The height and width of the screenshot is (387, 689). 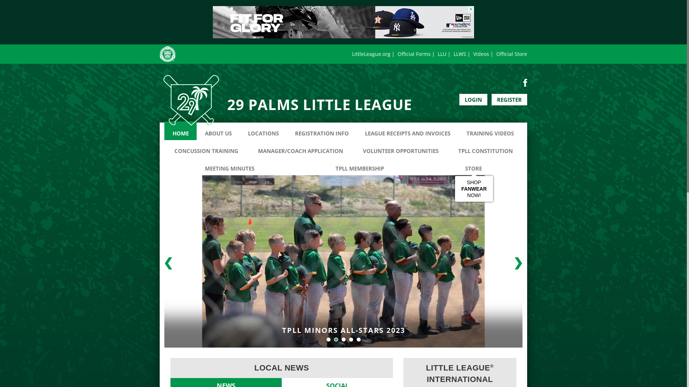 I want to click on 'VOLUNTEER OPPORTUNITIES', so click(x=400, y=148).